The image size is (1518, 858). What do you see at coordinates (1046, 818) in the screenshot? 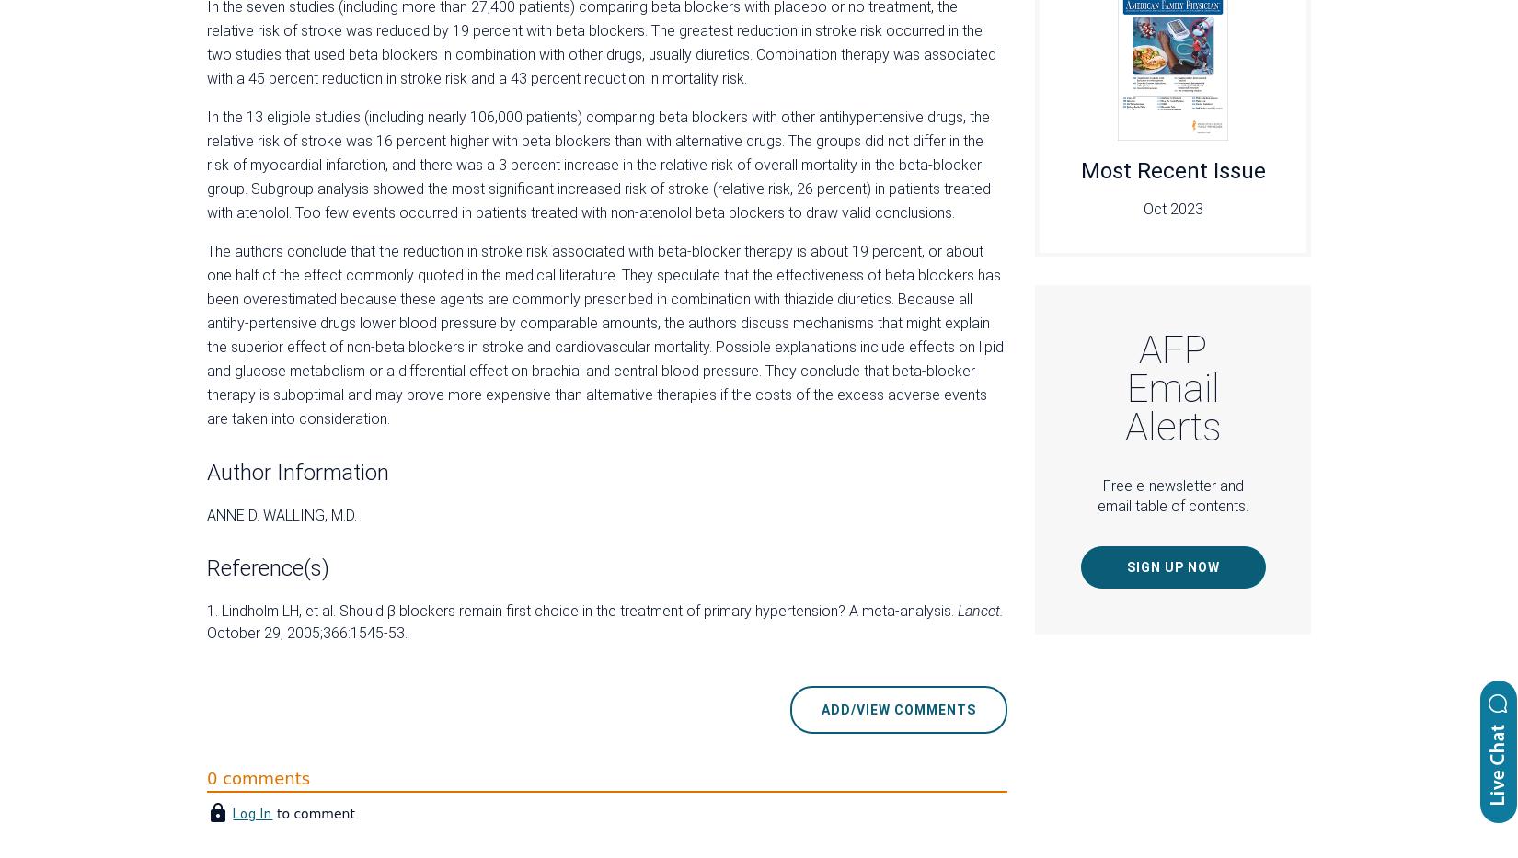
I see `'EBM Toolkit'` at bounding box center [1046, 818].